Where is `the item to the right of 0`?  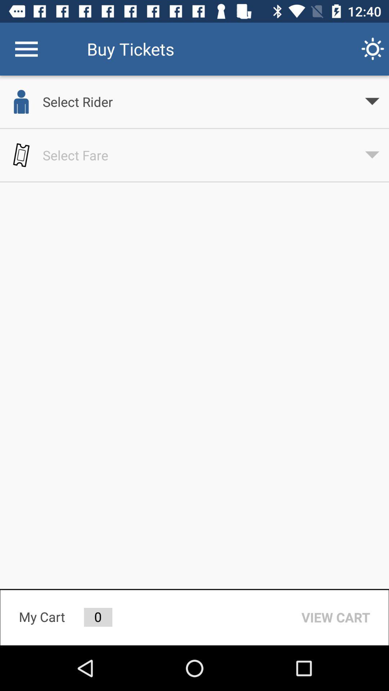
the item to the right of 0 is located at coordinates (336, 617).